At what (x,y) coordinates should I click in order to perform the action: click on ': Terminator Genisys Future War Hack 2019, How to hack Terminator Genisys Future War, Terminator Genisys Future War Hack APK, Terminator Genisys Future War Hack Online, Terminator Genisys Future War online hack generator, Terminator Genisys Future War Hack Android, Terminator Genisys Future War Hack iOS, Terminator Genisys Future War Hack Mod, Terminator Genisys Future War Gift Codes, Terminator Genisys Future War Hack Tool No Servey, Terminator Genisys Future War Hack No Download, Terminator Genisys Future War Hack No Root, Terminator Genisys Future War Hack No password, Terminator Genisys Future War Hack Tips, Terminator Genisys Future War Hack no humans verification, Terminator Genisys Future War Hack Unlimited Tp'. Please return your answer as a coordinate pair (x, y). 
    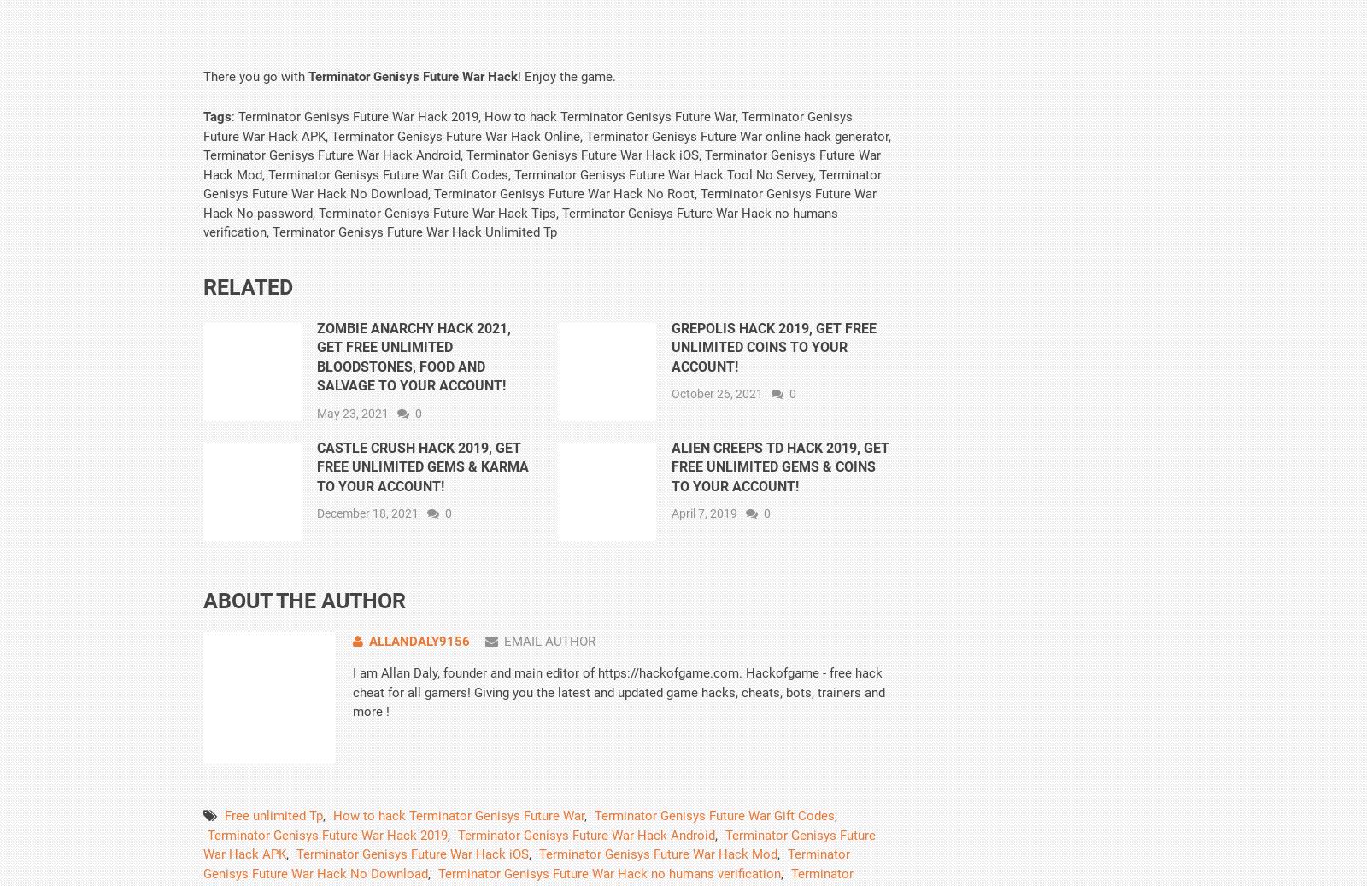
    Looking at the image, I should click on (202, 173).